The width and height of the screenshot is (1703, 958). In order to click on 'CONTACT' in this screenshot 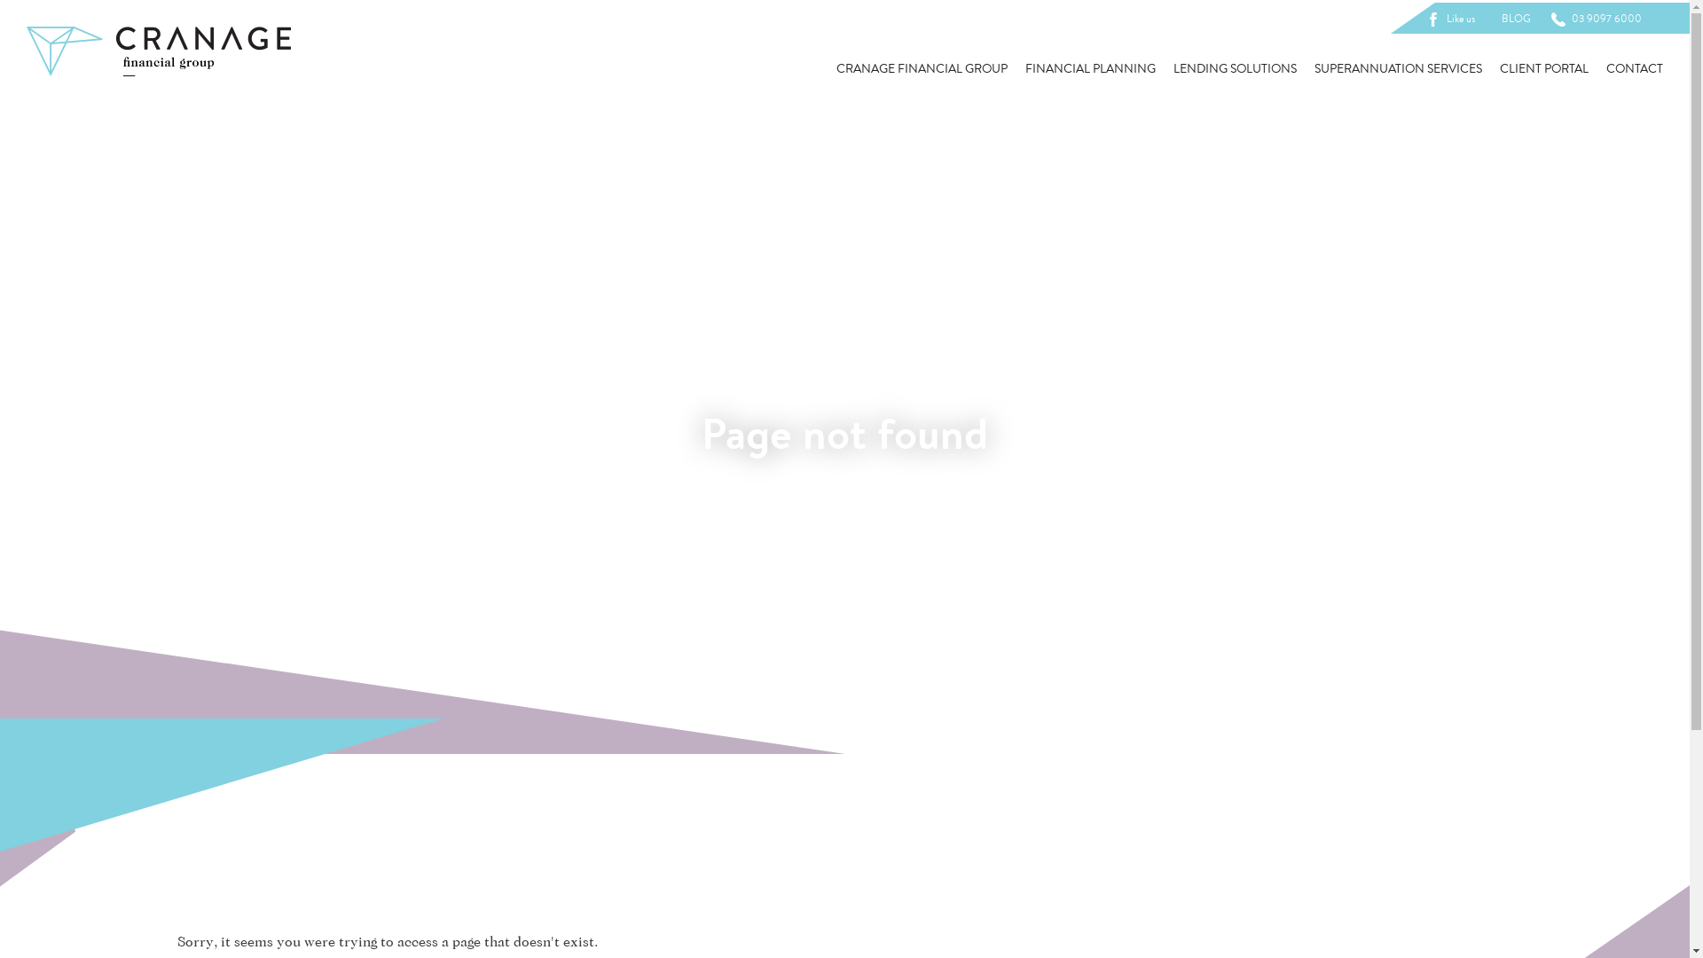, I will do `click(1605, 68)`.